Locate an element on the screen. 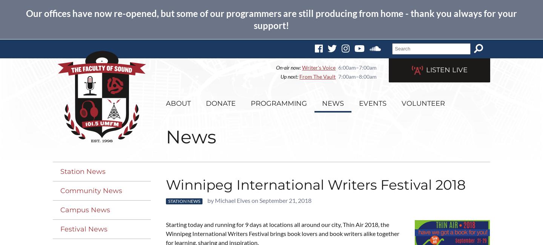  'About' is located at coordinates (178, 103).